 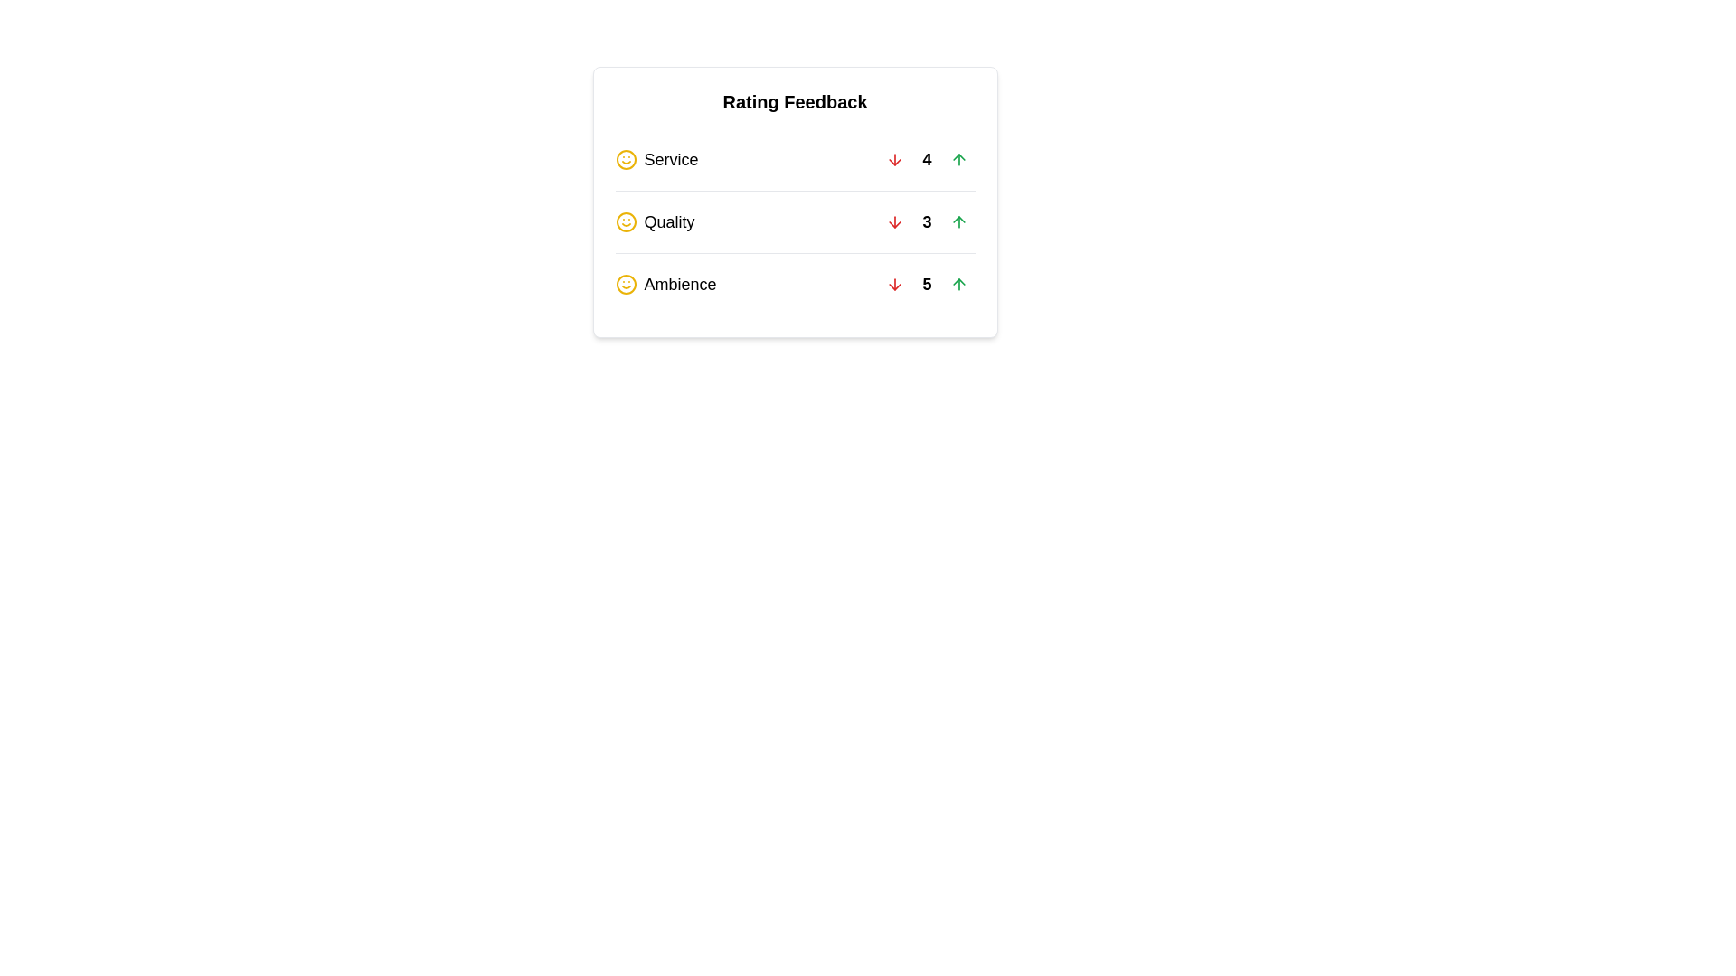 What do you see at coordinates (626, 221) in the screenshot?
I see `the round yellow smiley face icon located to the left of the 'Quality' text in the middle row of the 'Rating Feedback' section` at bounding box center [626, 221].